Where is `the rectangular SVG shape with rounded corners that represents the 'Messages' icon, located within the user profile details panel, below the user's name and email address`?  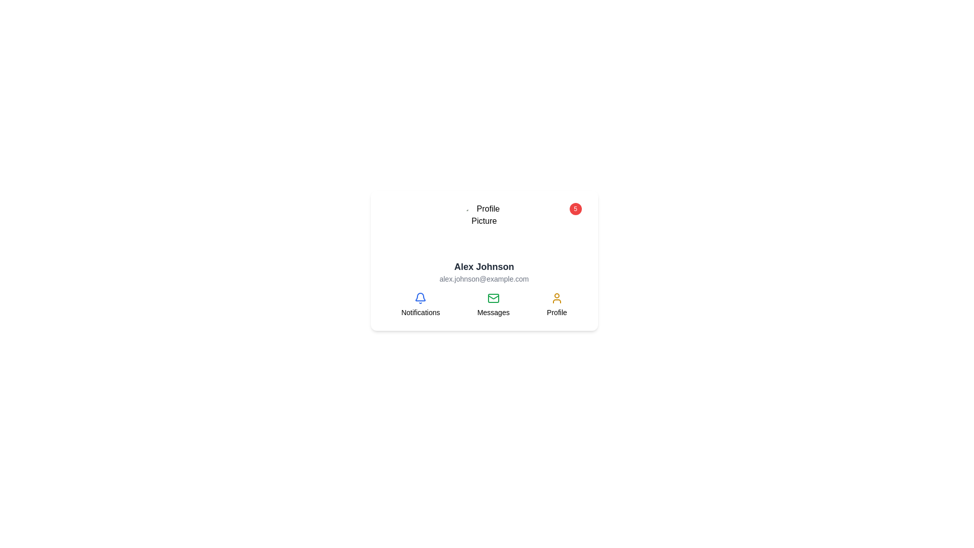
the rectangular SVG shape with rounded corners that represents the 'Messages' icon, located within the user profile details panel, below the user's name and email address is located at coordinates (493, 297).